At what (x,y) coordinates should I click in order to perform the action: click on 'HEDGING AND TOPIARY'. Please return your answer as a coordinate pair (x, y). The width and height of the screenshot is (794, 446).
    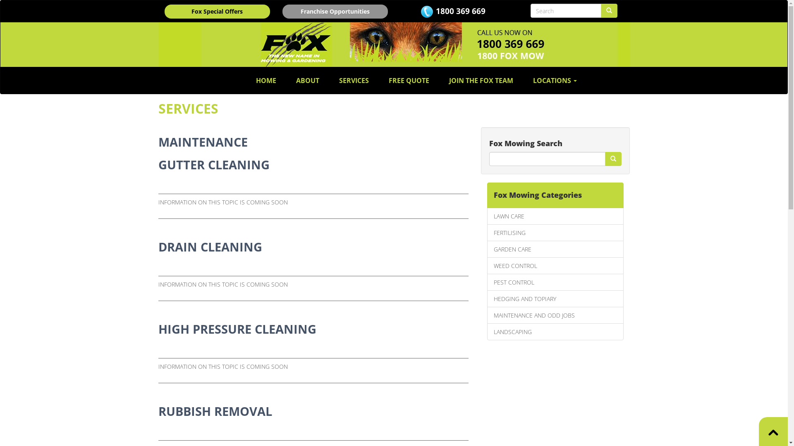
    Looking at the image, I should click on (555, 299).